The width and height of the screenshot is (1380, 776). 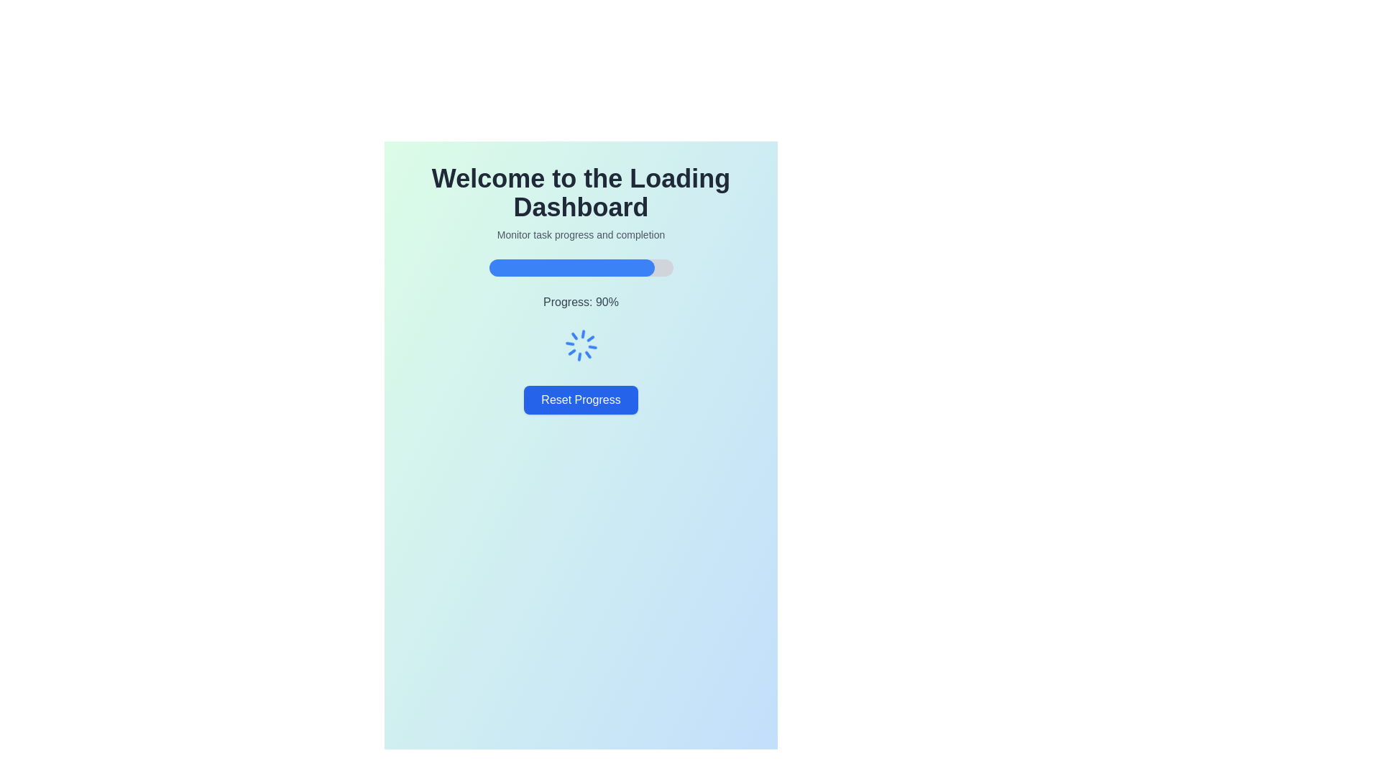 I want to click on the reset button located below the progress bar and spinning loader icon to observe any hover effects, so click(x=581, y=399).